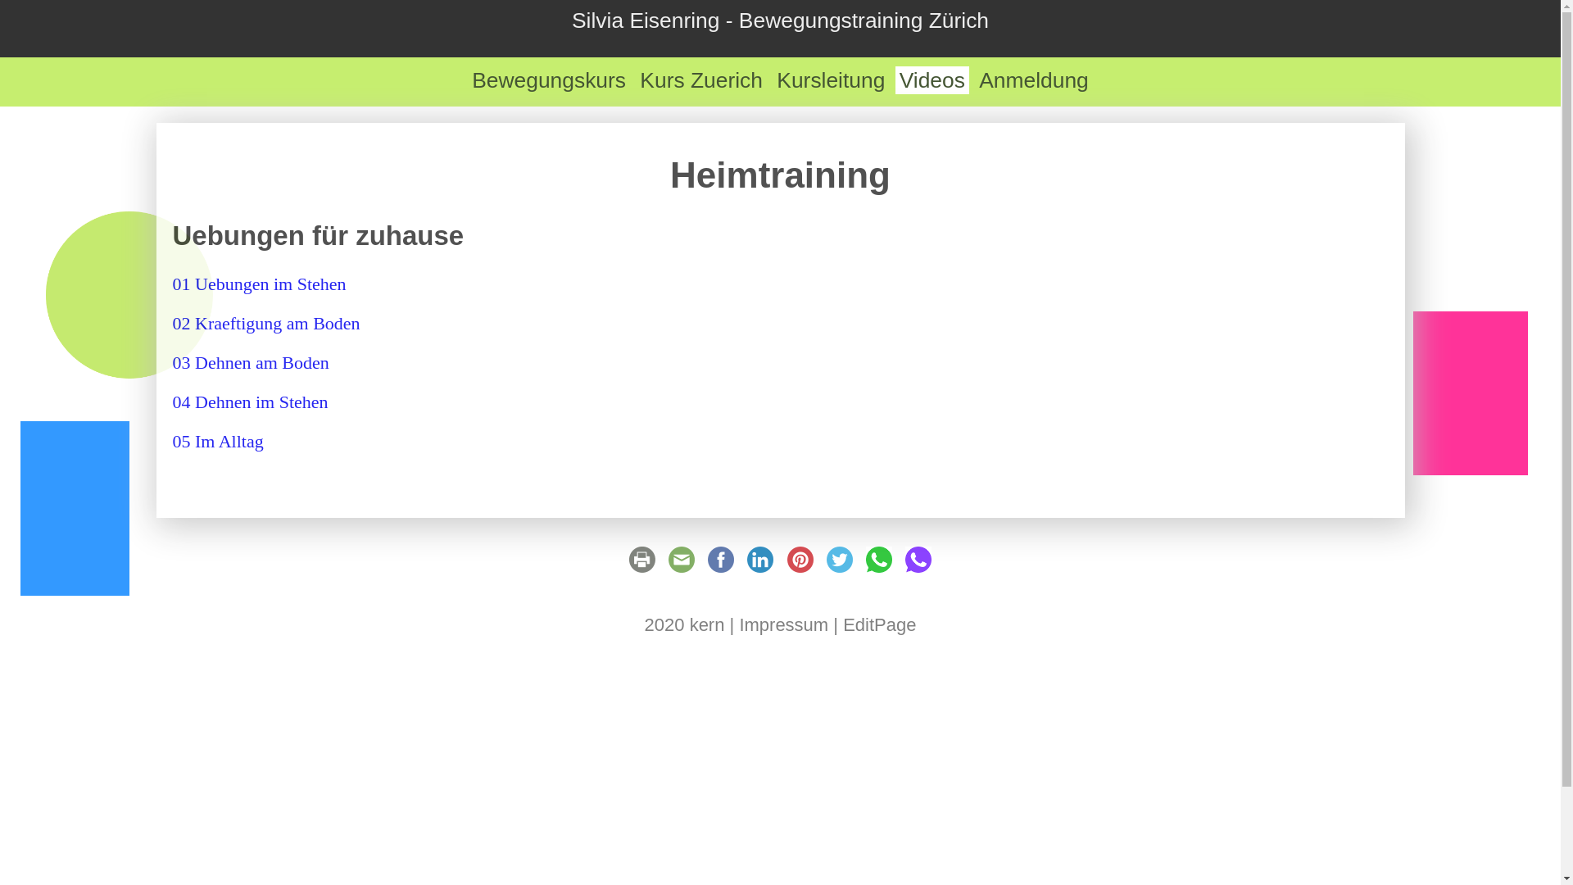 The width and height of the screenshot is (1573, 885). What do you see at coordinates (172, 361) in the screenshot?
I see `'03 Dehnen am Boden'` at bounding box center [172, 361].